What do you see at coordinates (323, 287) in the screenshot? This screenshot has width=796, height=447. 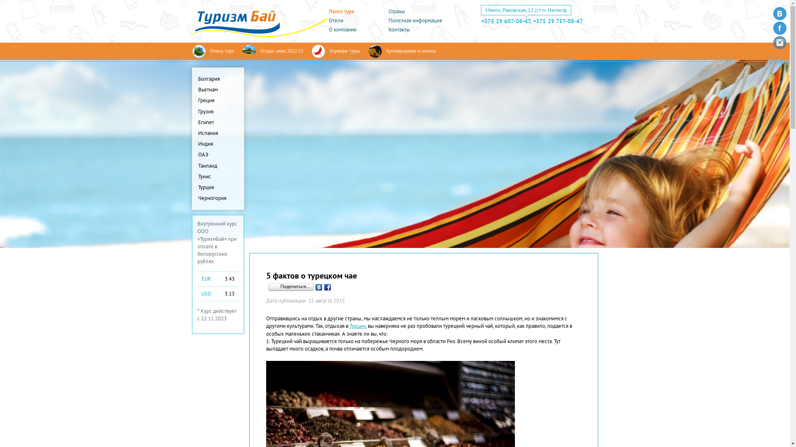 I see `'Facebook'` at bounding box center [323, 287].